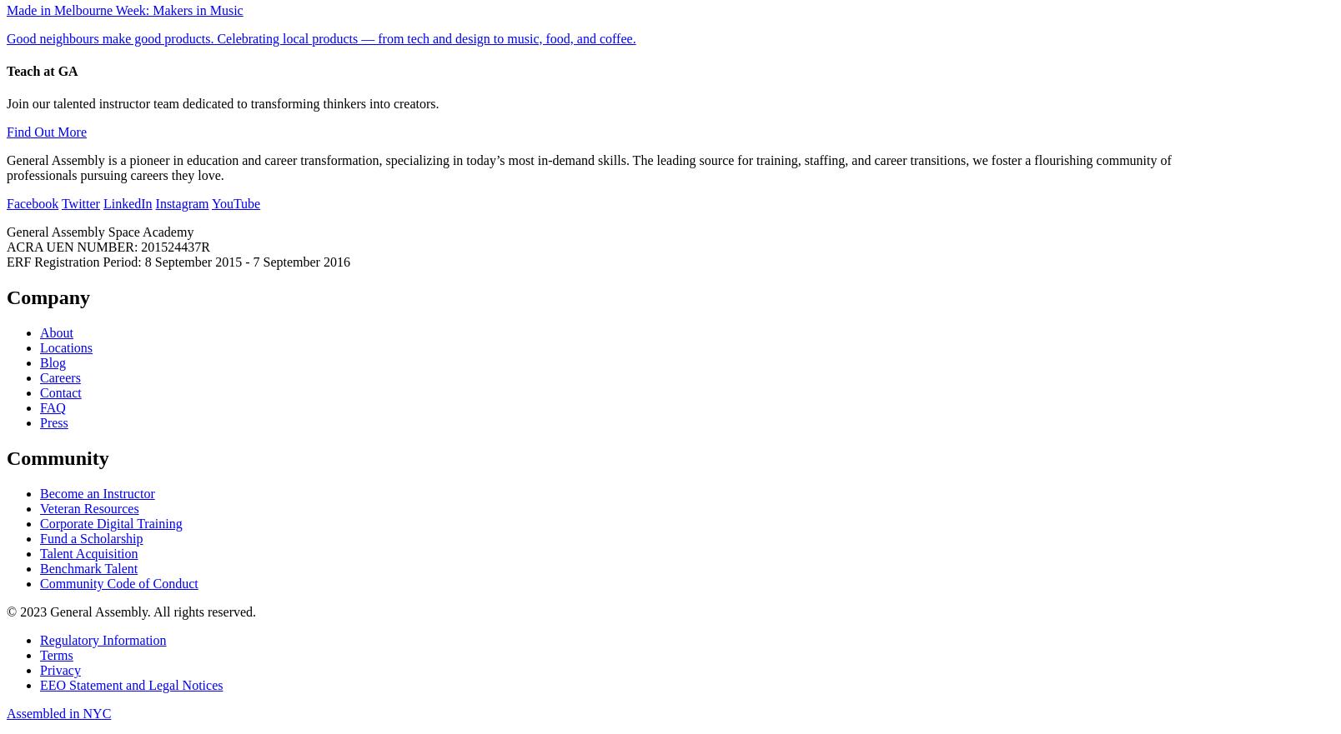 The width and height of the screenshot is (1341, 734). I want to click on 'Fund a Scholarship', so click(91, 538).